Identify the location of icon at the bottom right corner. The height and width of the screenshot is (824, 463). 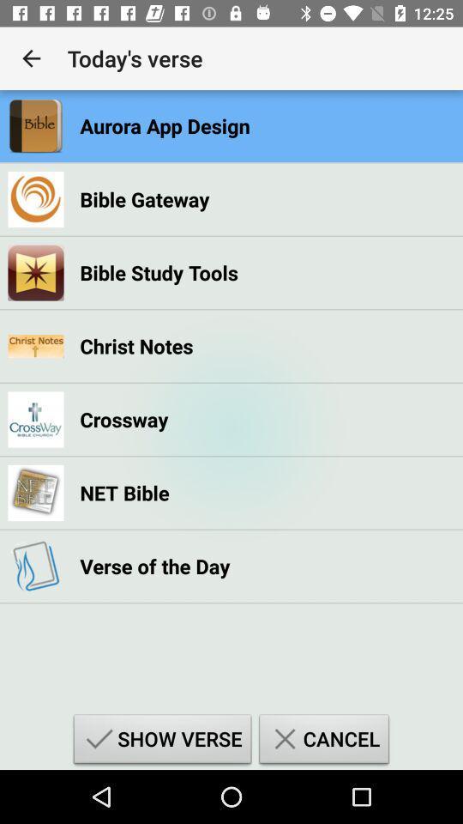
(324, 741).